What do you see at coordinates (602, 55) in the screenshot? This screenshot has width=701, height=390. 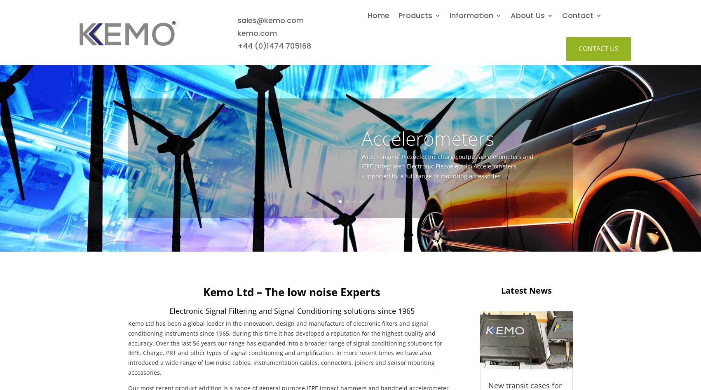 I see `'Global Distributors'` at bounding box center [602, 55].